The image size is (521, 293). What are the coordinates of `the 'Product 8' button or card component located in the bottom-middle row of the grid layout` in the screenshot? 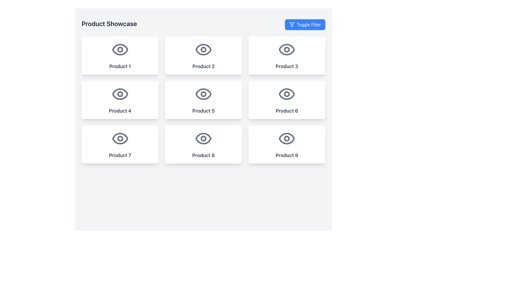 It's located at (203, 144).